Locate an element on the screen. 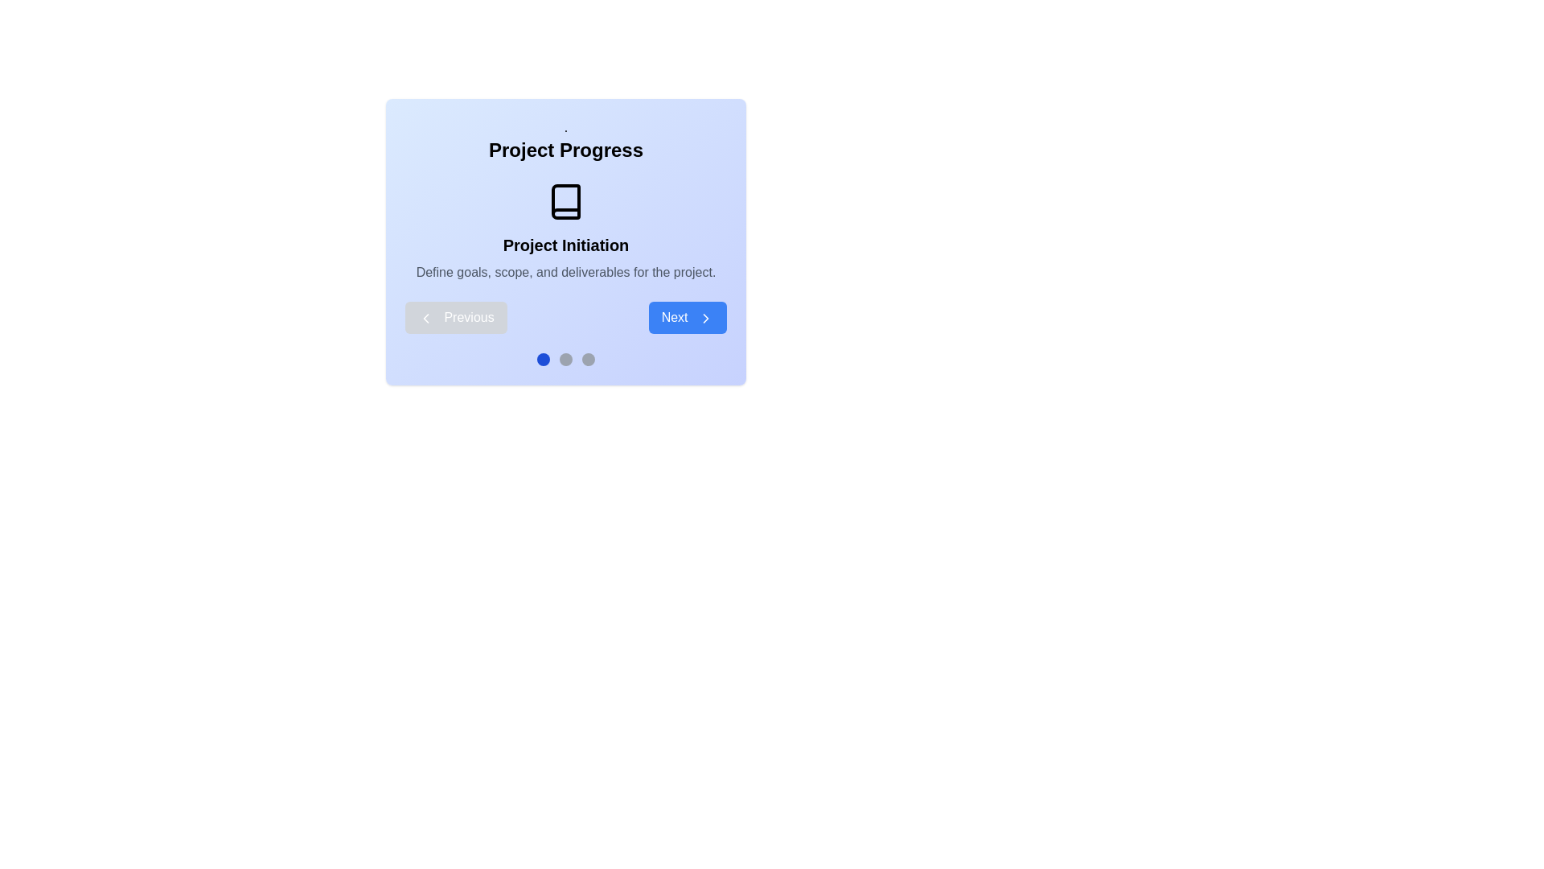 The height and width of the screenshot is (869, 1544). the Text label acting as a header for 'Project Initiation', which is centrally located below a book icon and above a descriptive text about project goals is located at coordinates (566, 245).